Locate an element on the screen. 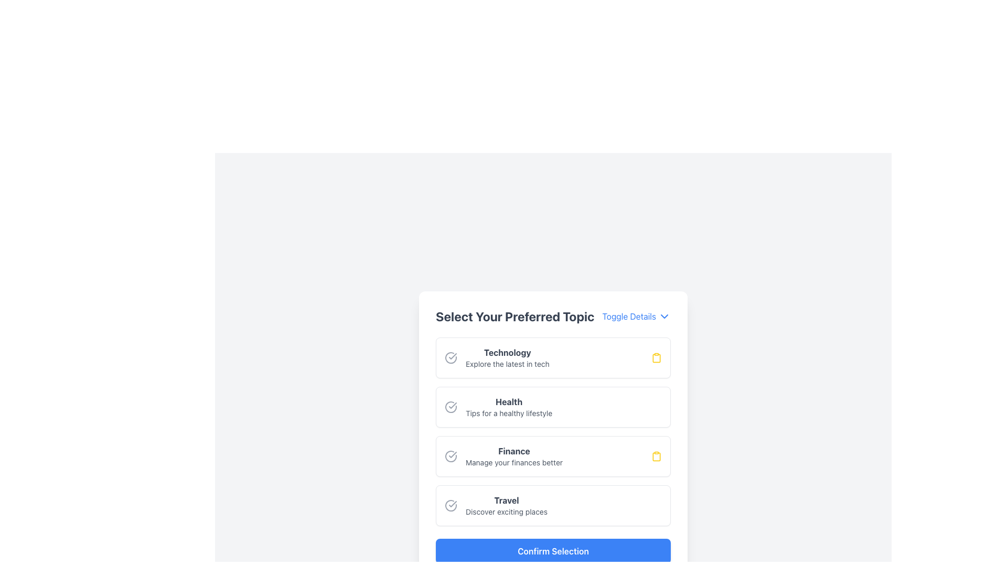 Image resolution: width=1007 pixels, height=566 pixels. the circular graphical pattern resembling a segment of a circle, which is located to the left of the 'Finance' topic in the list is located at coordinates (451, 456).